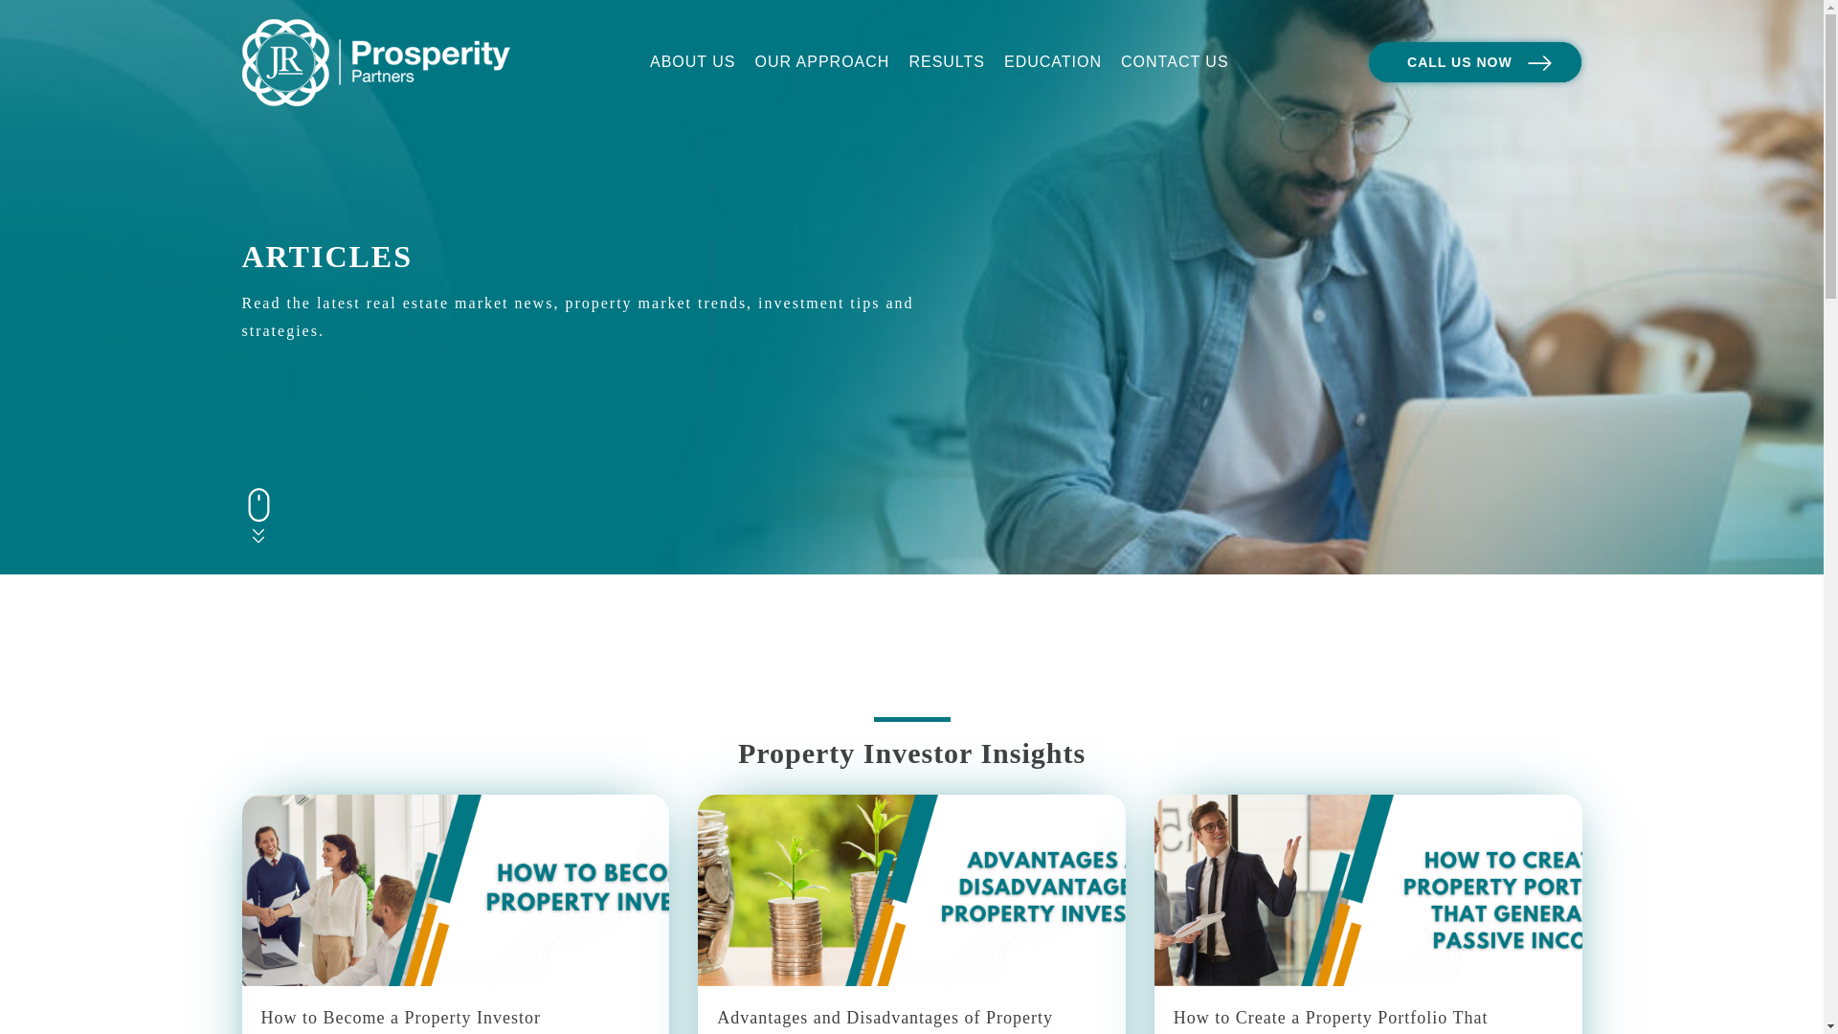 Image resolution: width=1838 pixels, height=1034 pixels. What do you see at coordinates (1051, 61) in the screenshot?
I see `'EDUCATION'` at bounding box center [1051, 61].